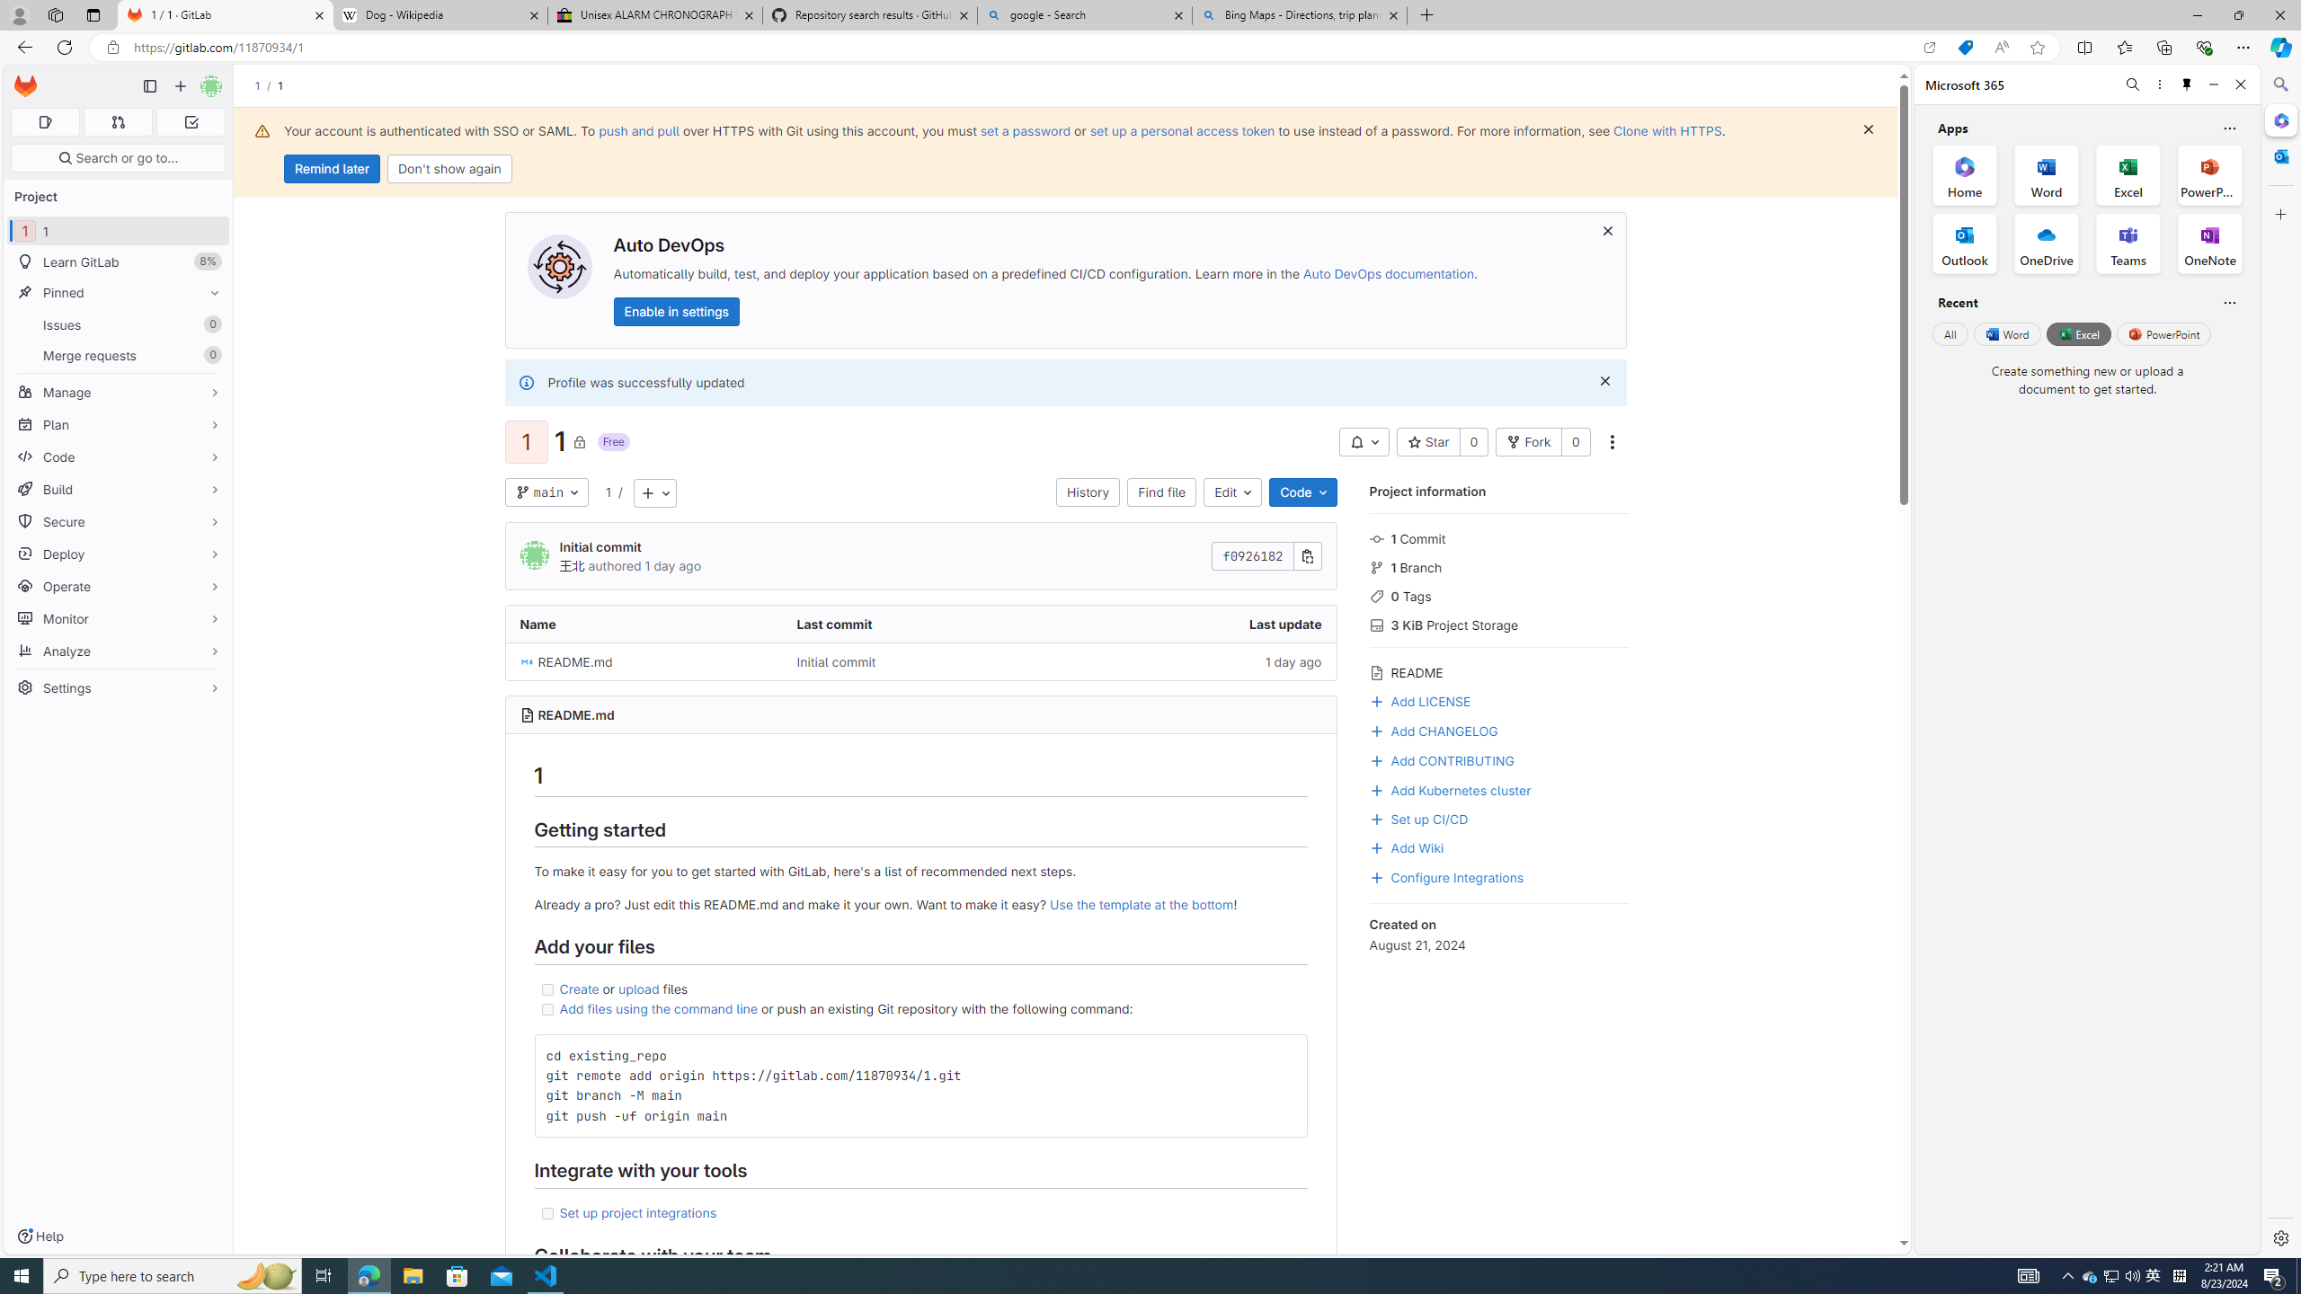  Describe the element at coordinates (638, 988) in the screenshot. I see `'upload'` at that location.